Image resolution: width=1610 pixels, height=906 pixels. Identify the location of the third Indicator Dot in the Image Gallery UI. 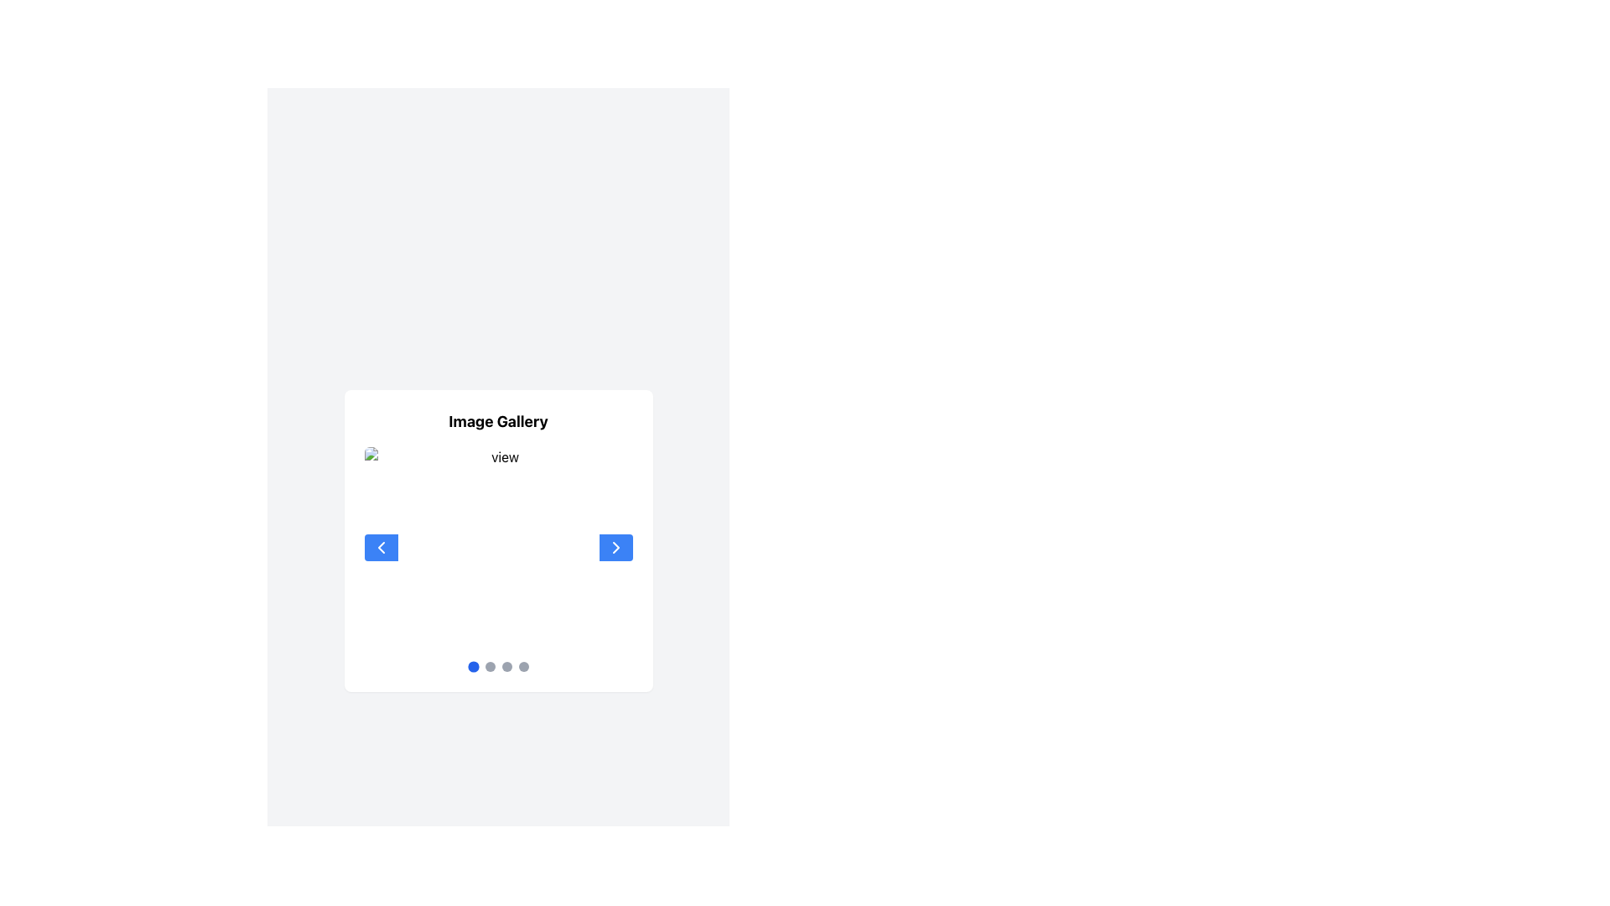
(506, 665).